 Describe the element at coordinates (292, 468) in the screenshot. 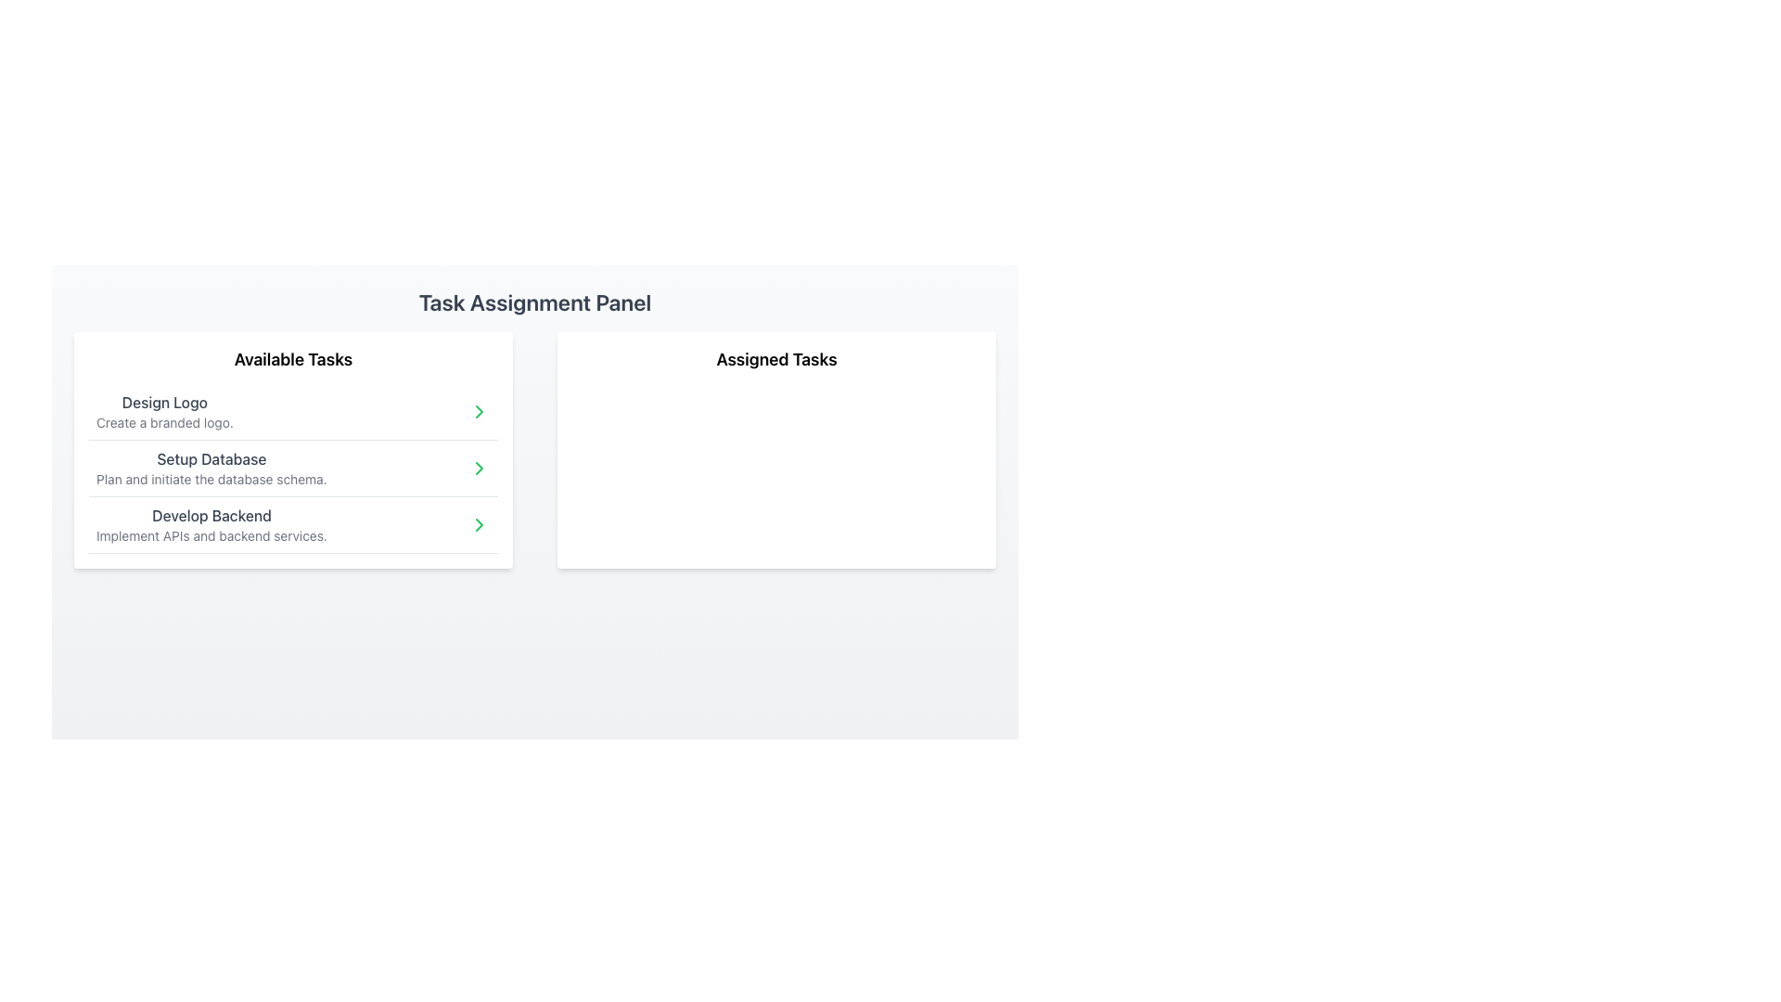

I see `the task item titled 'Setup Database' with the subtitle 'Plan and initiate the database schema.'` at that location.